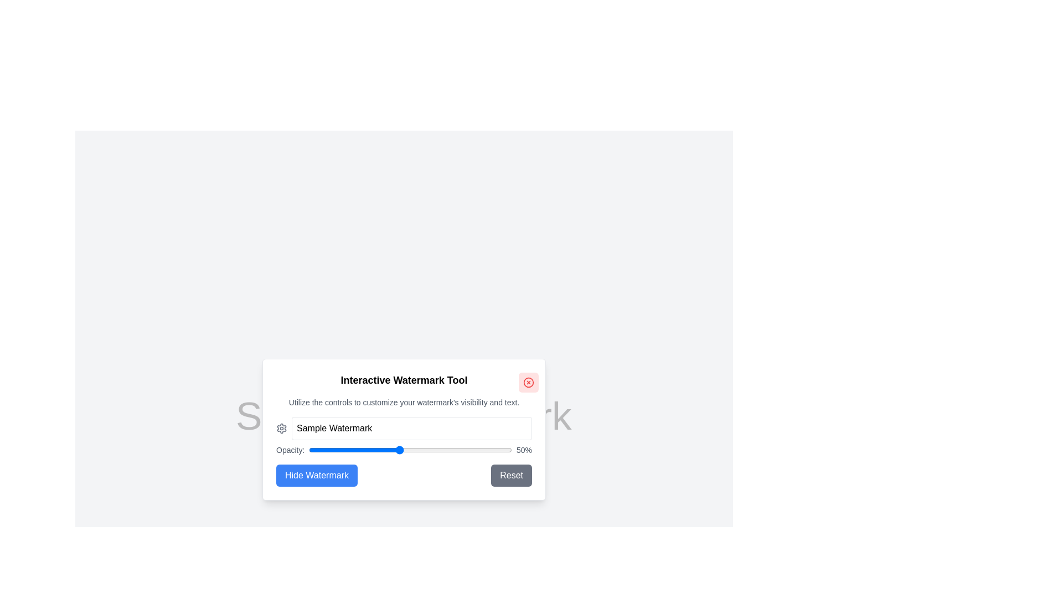 The width and height of the screenshot is (1063, 598). What do you see at coordinates (329, 450) in the screenshot?
I see `the opacity` at bounding box center [329, 450].